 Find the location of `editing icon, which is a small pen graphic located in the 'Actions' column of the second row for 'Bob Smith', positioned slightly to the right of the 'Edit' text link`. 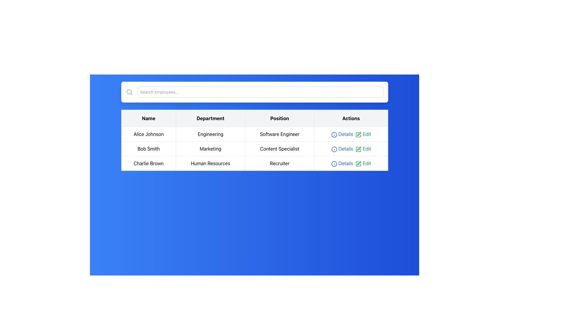

editing icon, which is a small pen graphic located in the 'Actions' column of the second row for 'Bob Smith', positioned slightly to the right of the 'Edit' text link is located at coordinates (359, 134).